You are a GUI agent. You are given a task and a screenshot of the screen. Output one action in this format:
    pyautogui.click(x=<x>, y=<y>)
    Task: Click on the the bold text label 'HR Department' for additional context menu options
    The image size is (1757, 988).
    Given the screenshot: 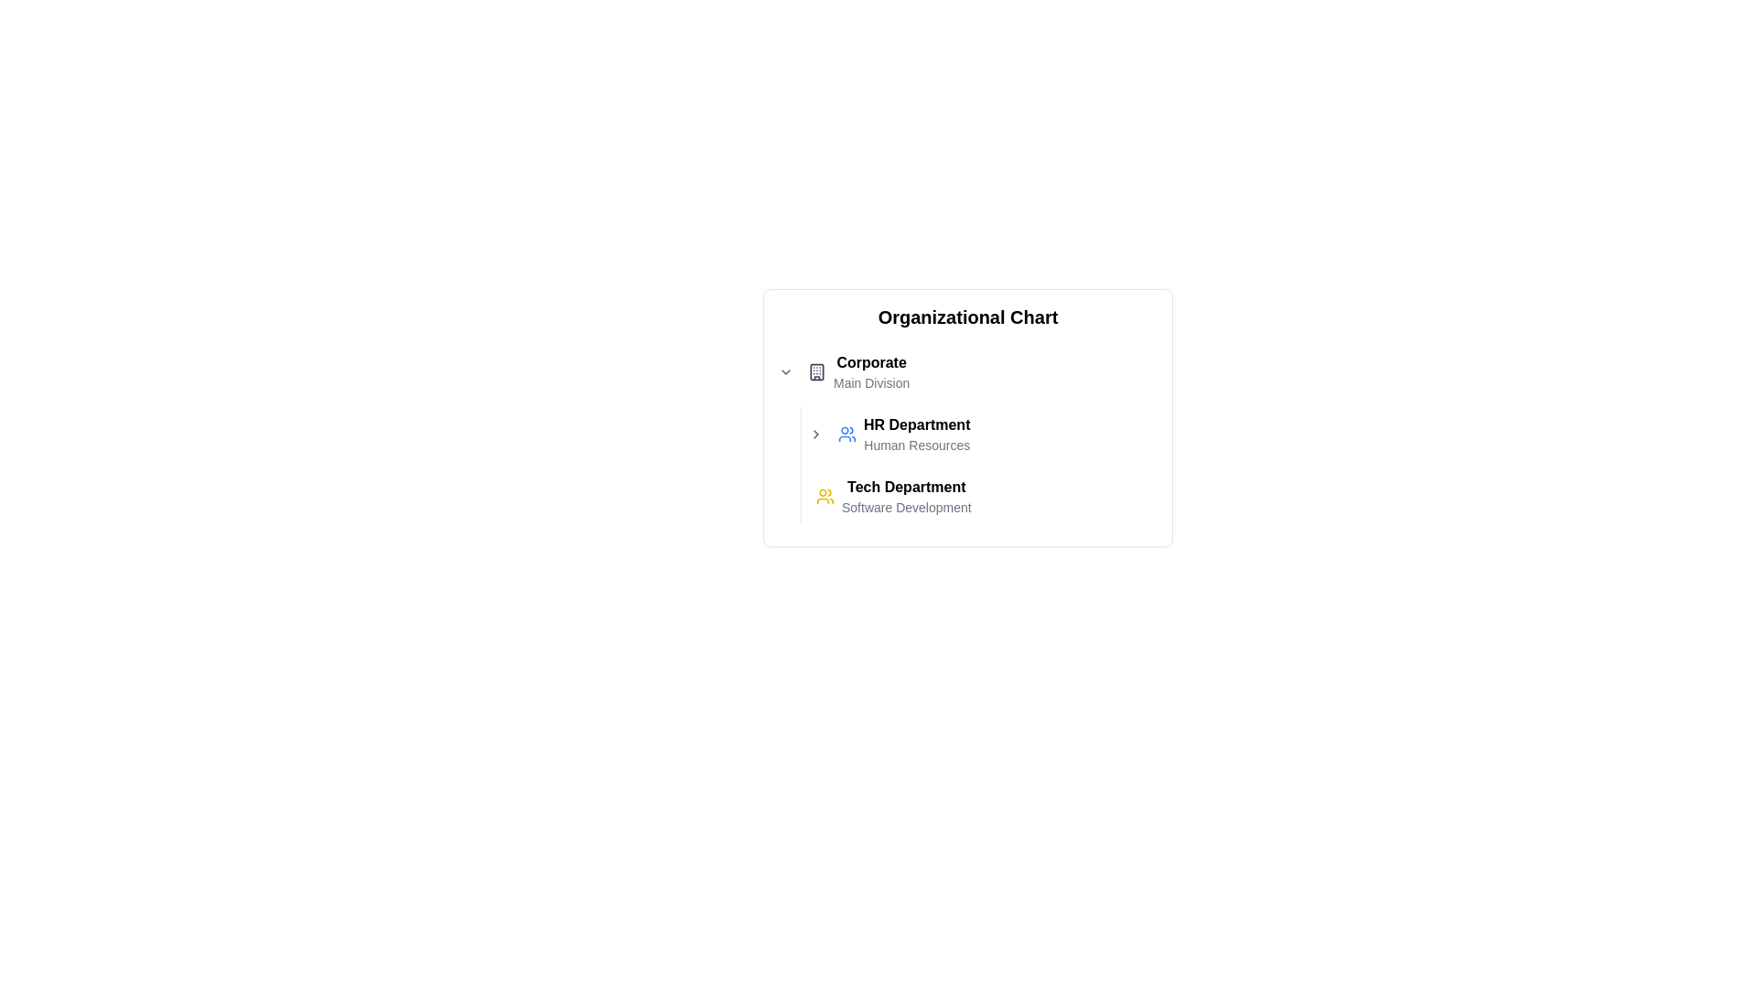 What is the action you would take?
    pyautogui.click(x=917, y=425)
    